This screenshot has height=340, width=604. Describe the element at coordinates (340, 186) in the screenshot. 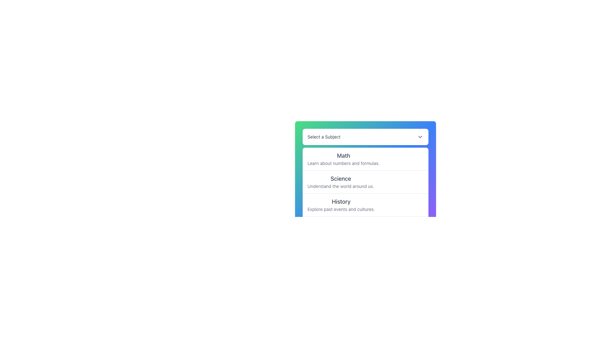

I see `descriptive text label "Understand the world around us." located below the title "Science"` at that location.